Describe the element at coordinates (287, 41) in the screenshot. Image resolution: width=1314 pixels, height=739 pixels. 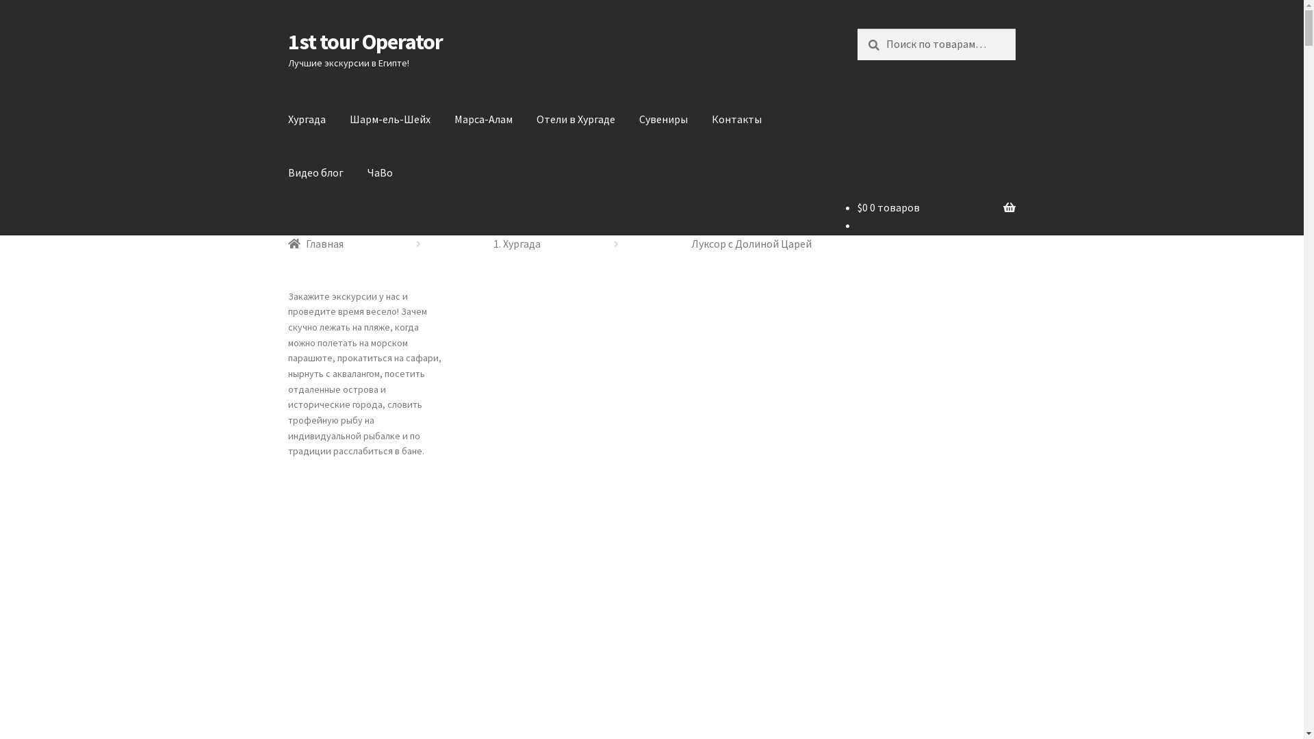
I see `'1st tour Operator'` at that location.